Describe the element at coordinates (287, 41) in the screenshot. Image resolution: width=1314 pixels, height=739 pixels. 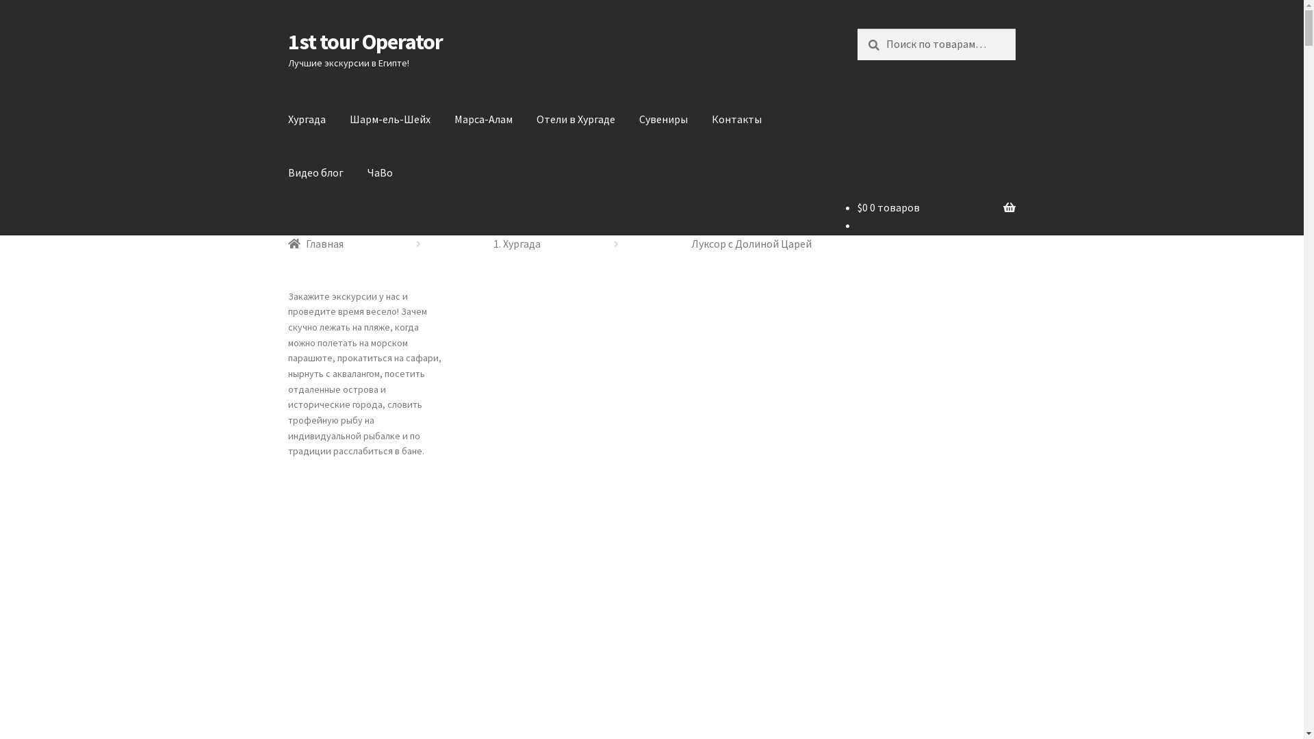
I see `'1st tour Operator'` at that location.